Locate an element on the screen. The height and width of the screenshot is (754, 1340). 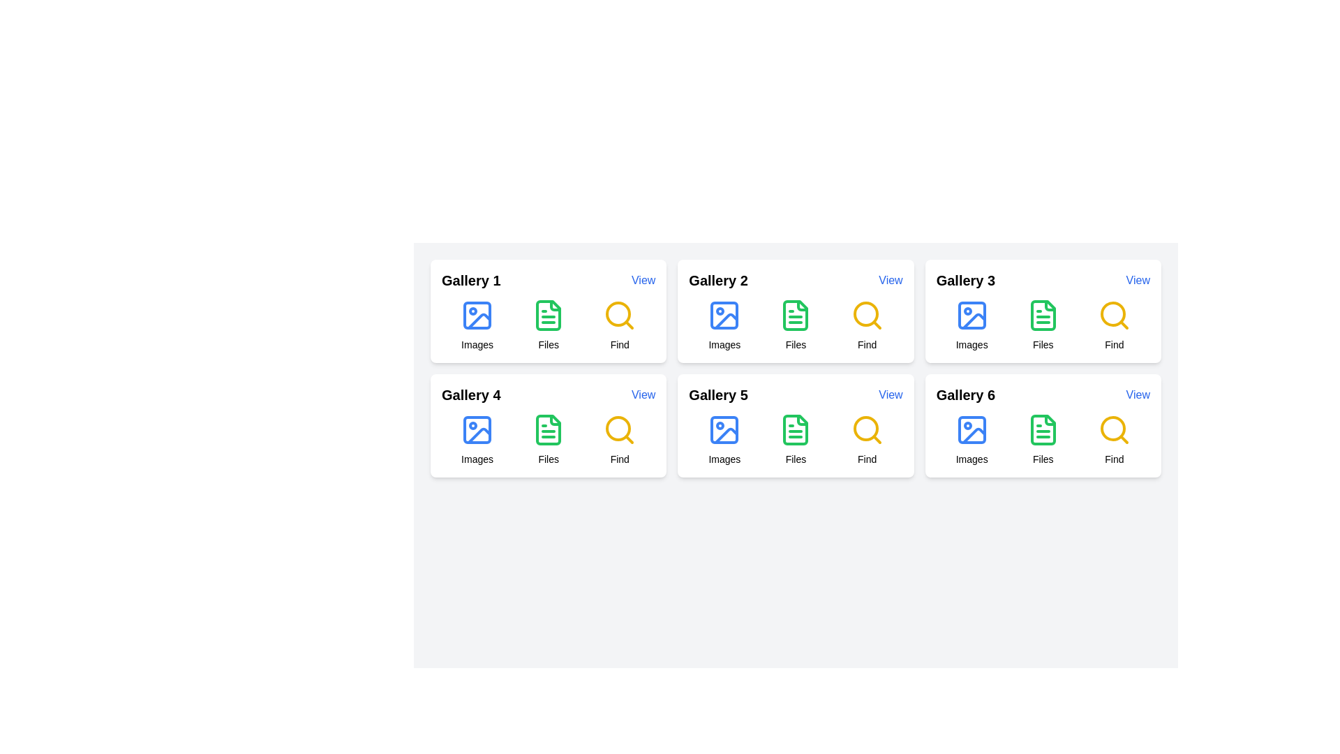
the green 'Files' icon, which is a document-like shape with a folded corner and three horizontal lines, located between 'Images' and 'Find' in the 'Gallery 2' section is located at coordinates (796, 325).